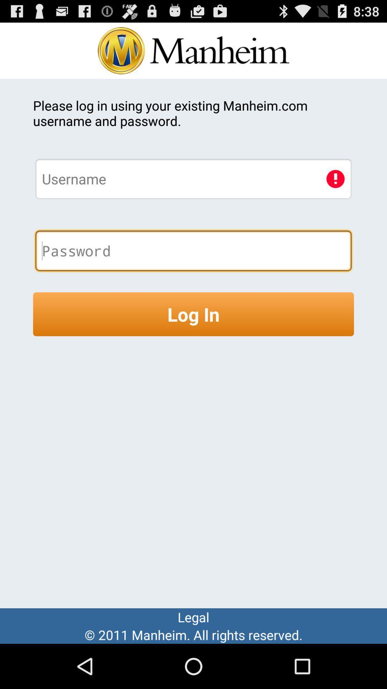 This screenshot has height=689, width=387. I want to click on app above 2011 manheim all app, so click(193, 617).